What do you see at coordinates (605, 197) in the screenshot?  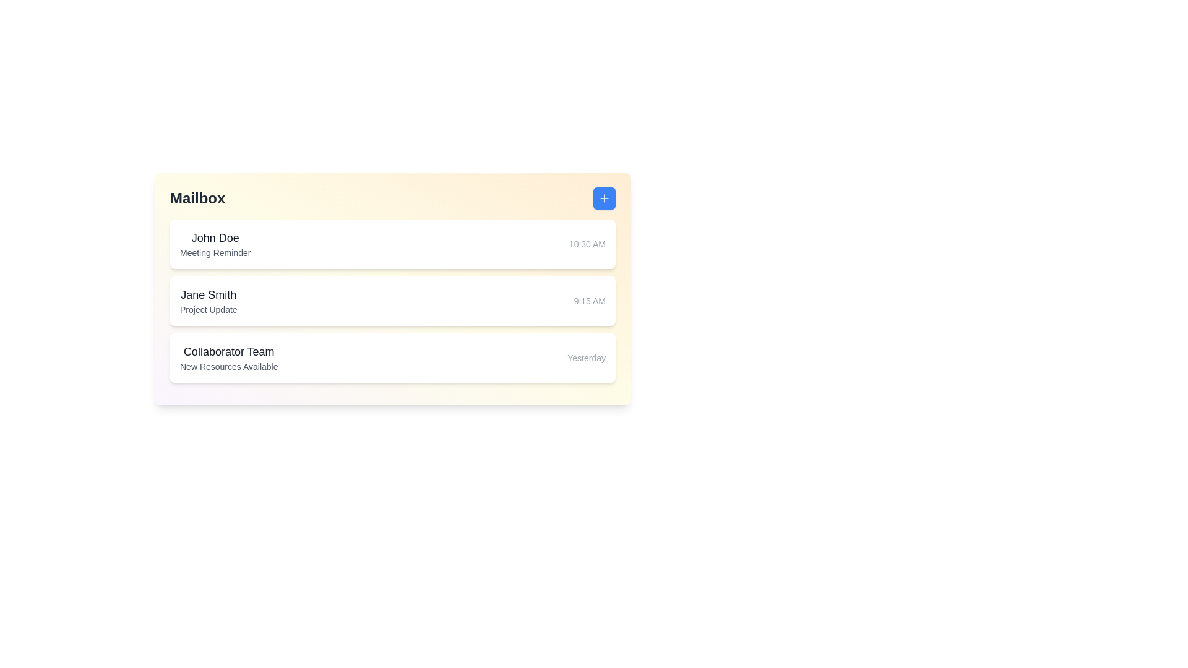 I see `'Add' button to create a new mail item` at bounding box center [605, 197].